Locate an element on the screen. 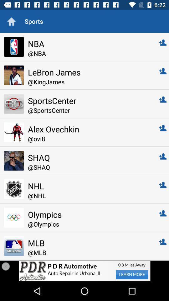 The height and width of the screenshot is (301, 169). the item above @kingjames icon is located at coordinates (89, 72).